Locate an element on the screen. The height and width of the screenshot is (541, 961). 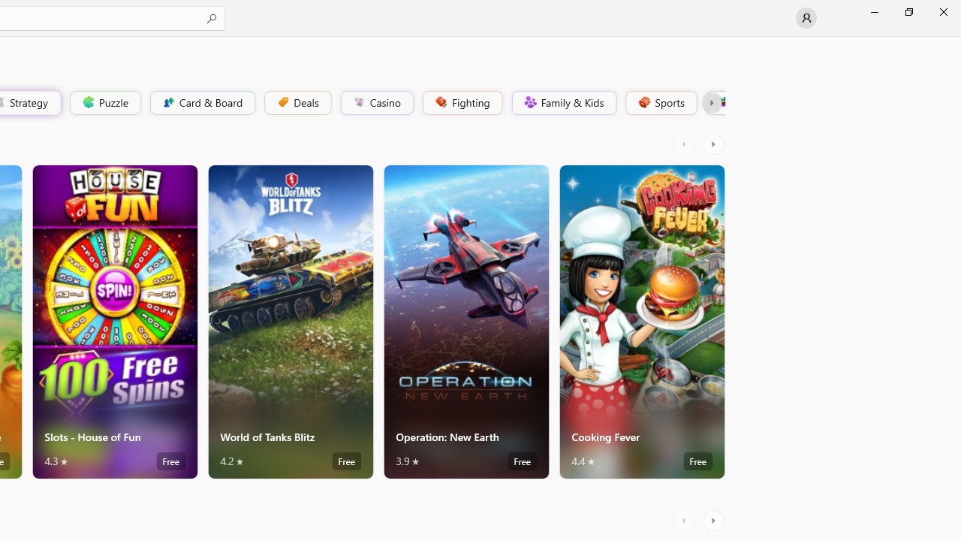
'Minimize Microsoft Store' is located at coordinates (874, 11).